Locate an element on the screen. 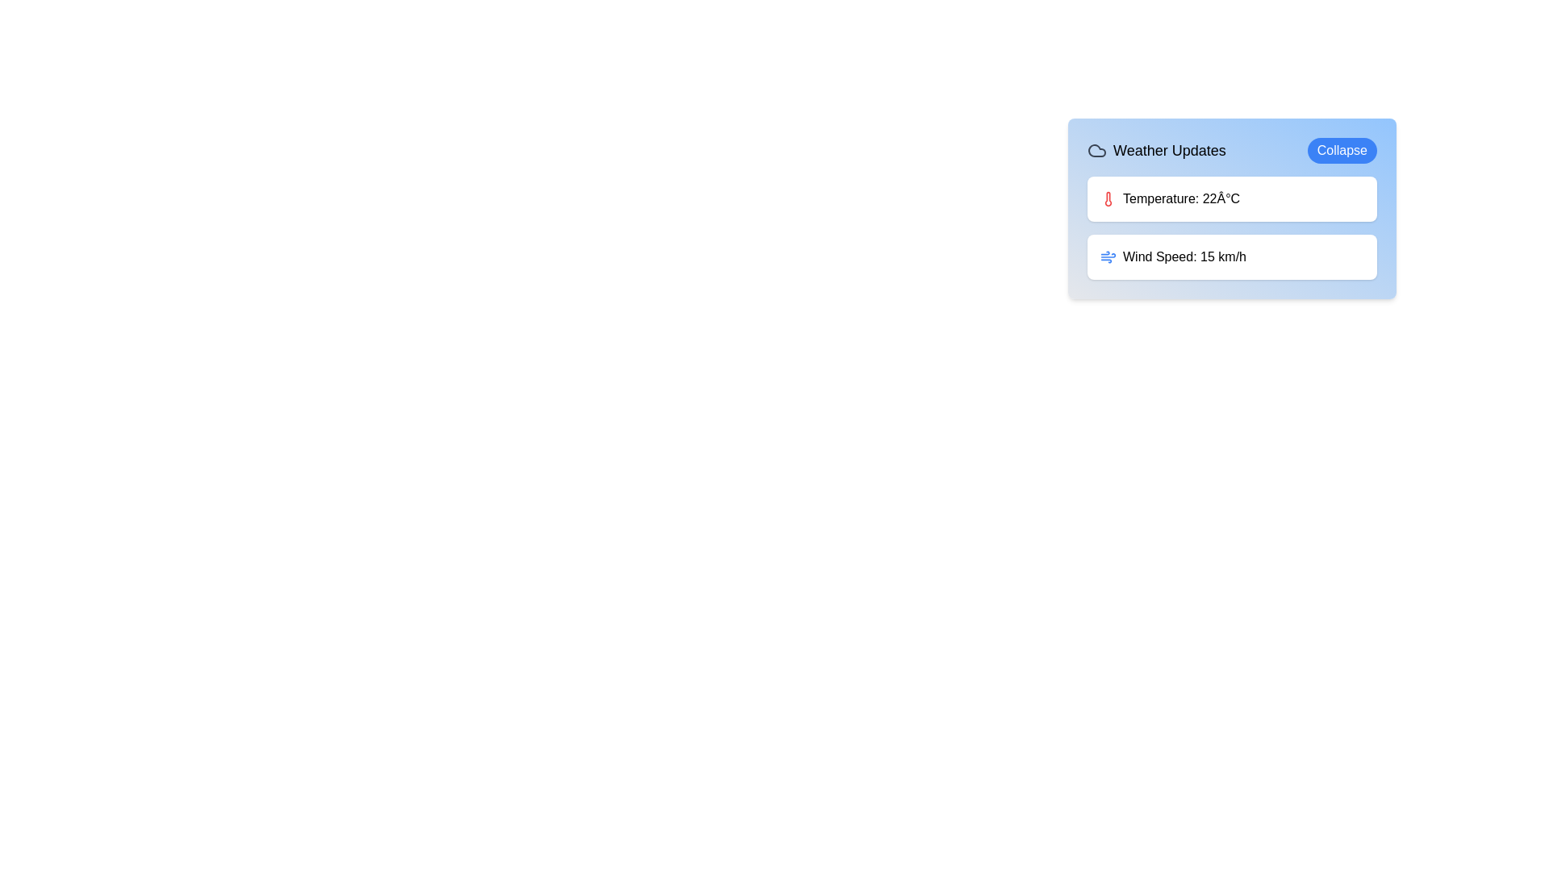  the cloud-shaped icon with a gray outline located to the left of the 'Weather Updates' text in the weather information panel is located at coordinates (1096, 150).